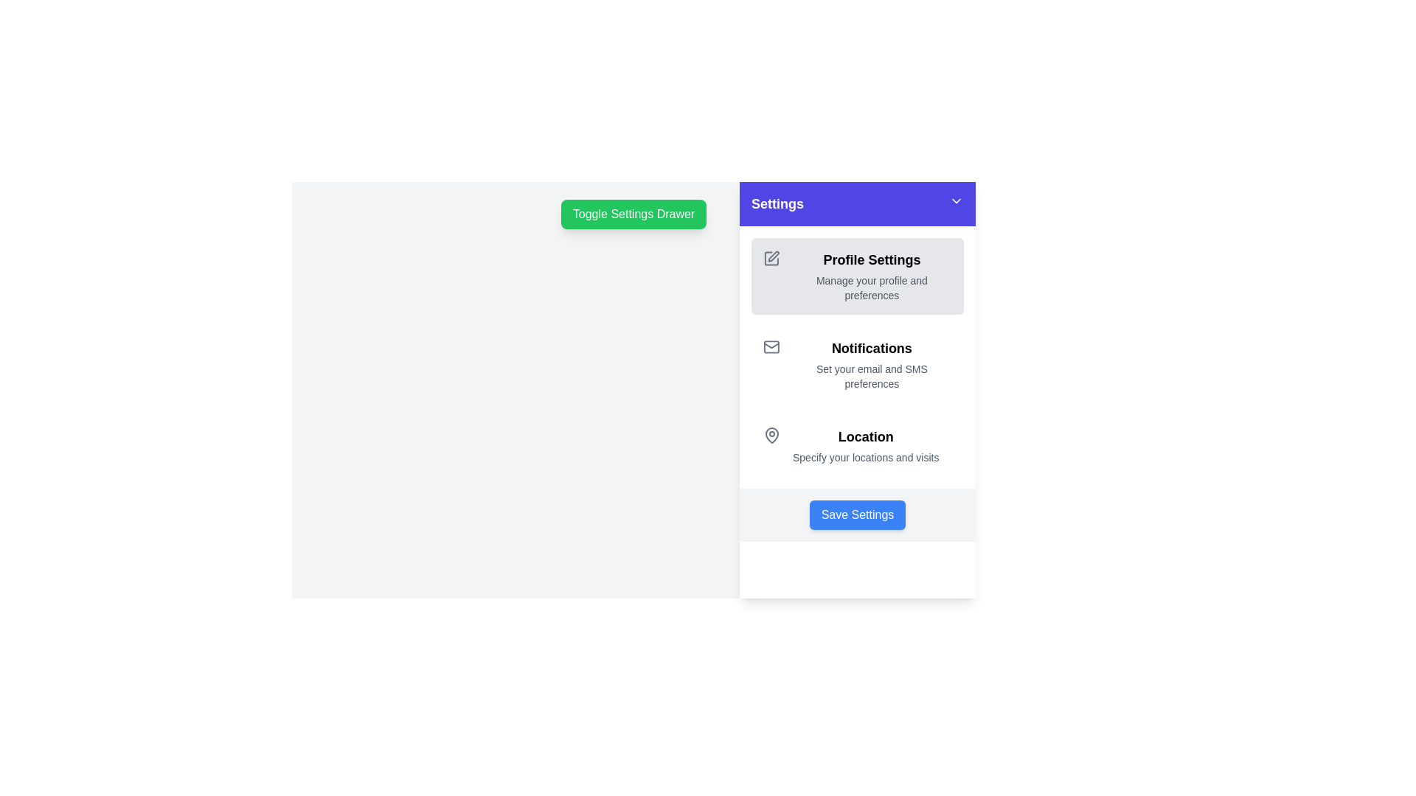 This screenshot has height=796, width=1416. Describe the element at coordinates (872, 287) in the screenshot. I see `the static text that reads 'Manage your profile and preferences', which is located below the 'Profile Settings' header in the settings panel` at that location.